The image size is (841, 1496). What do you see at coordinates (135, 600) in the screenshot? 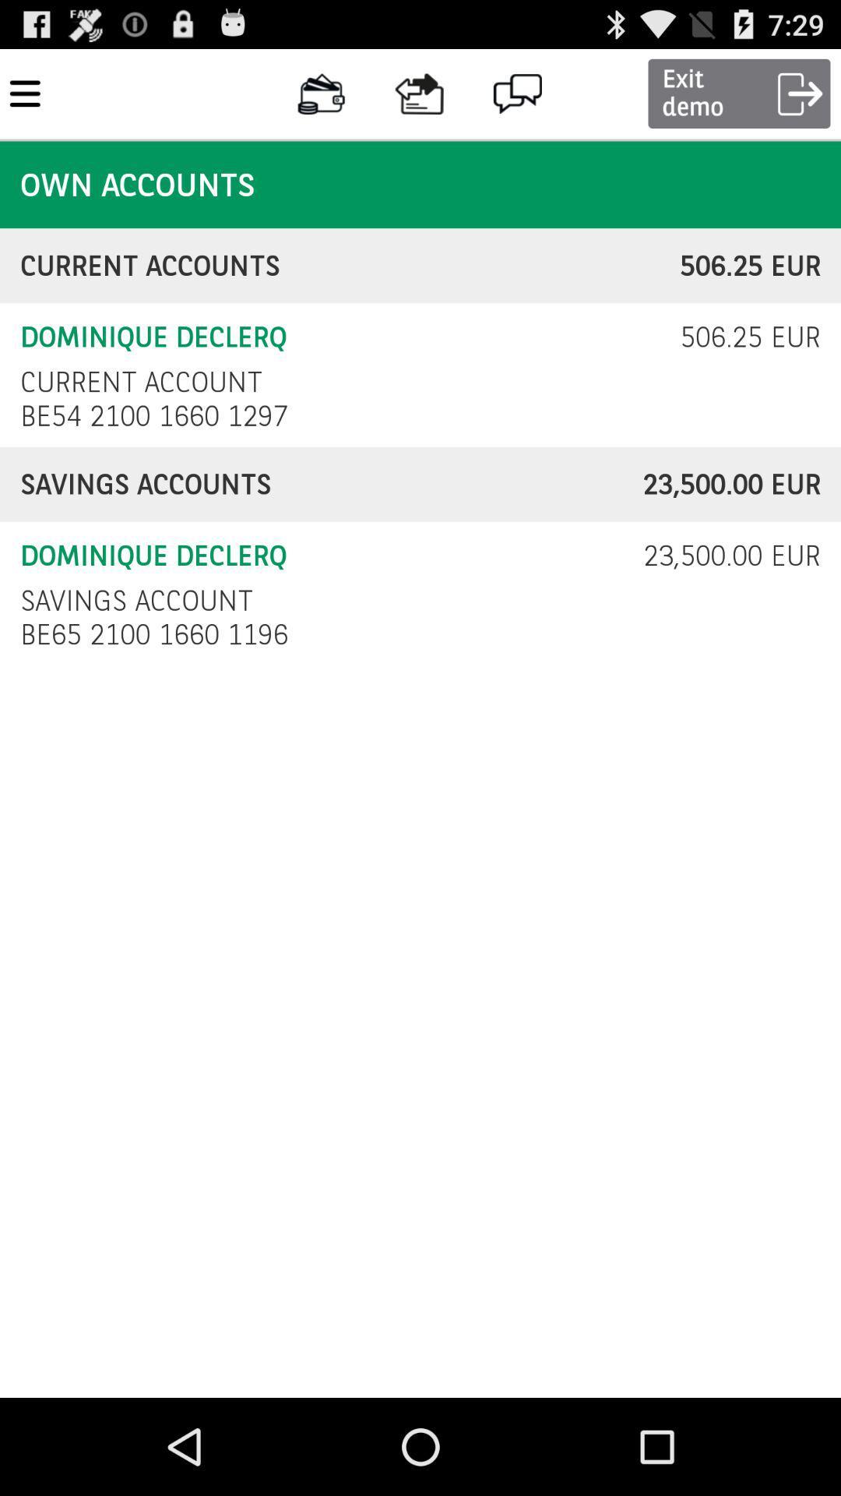
I see `the icon below the dominique declerq` at bounding box center [135, 600].